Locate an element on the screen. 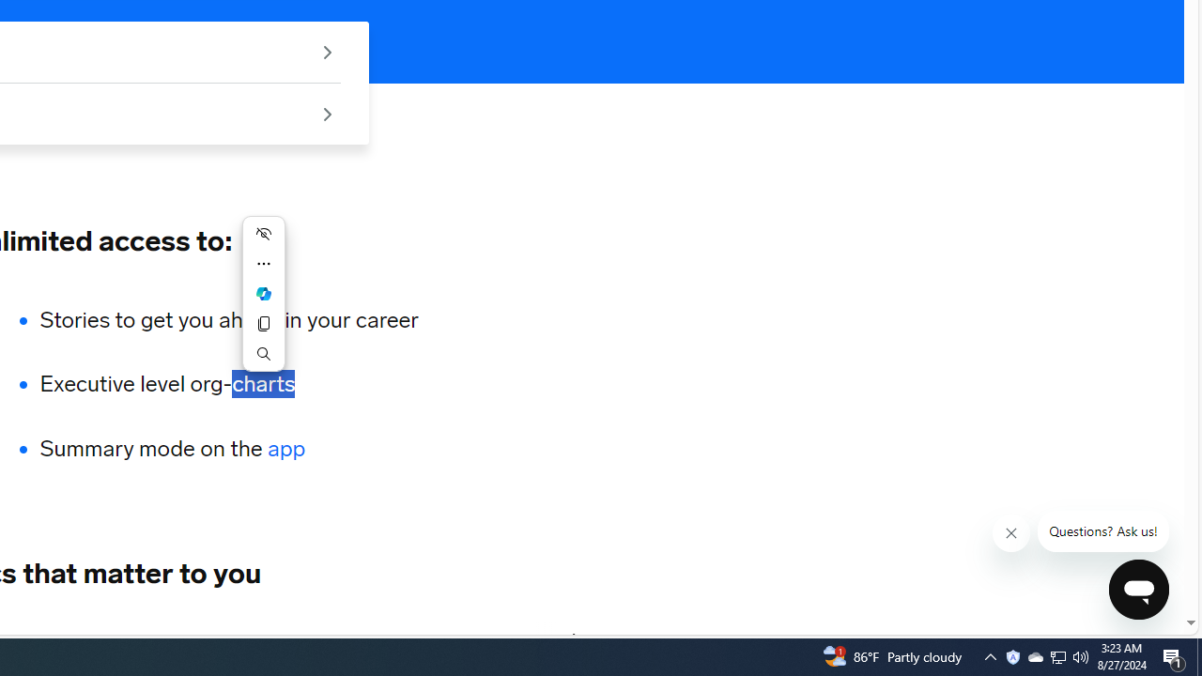 Image resolution: width=1202 pixels, height=676 pixels. 'Class: sc-1uf0igr-1 fjHZYk' is located at coordinates (1010, 533).